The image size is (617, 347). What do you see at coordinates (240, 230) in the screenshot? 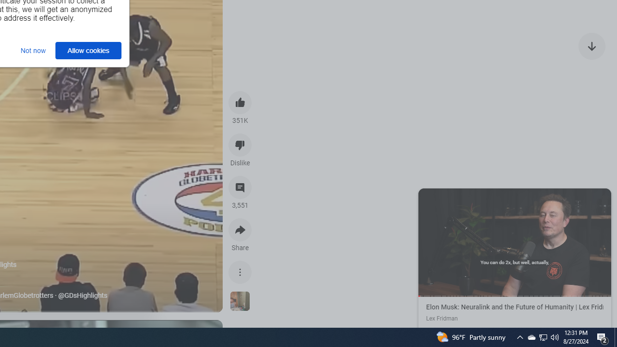
I see `'Share'` at bounding box center [240, 230].